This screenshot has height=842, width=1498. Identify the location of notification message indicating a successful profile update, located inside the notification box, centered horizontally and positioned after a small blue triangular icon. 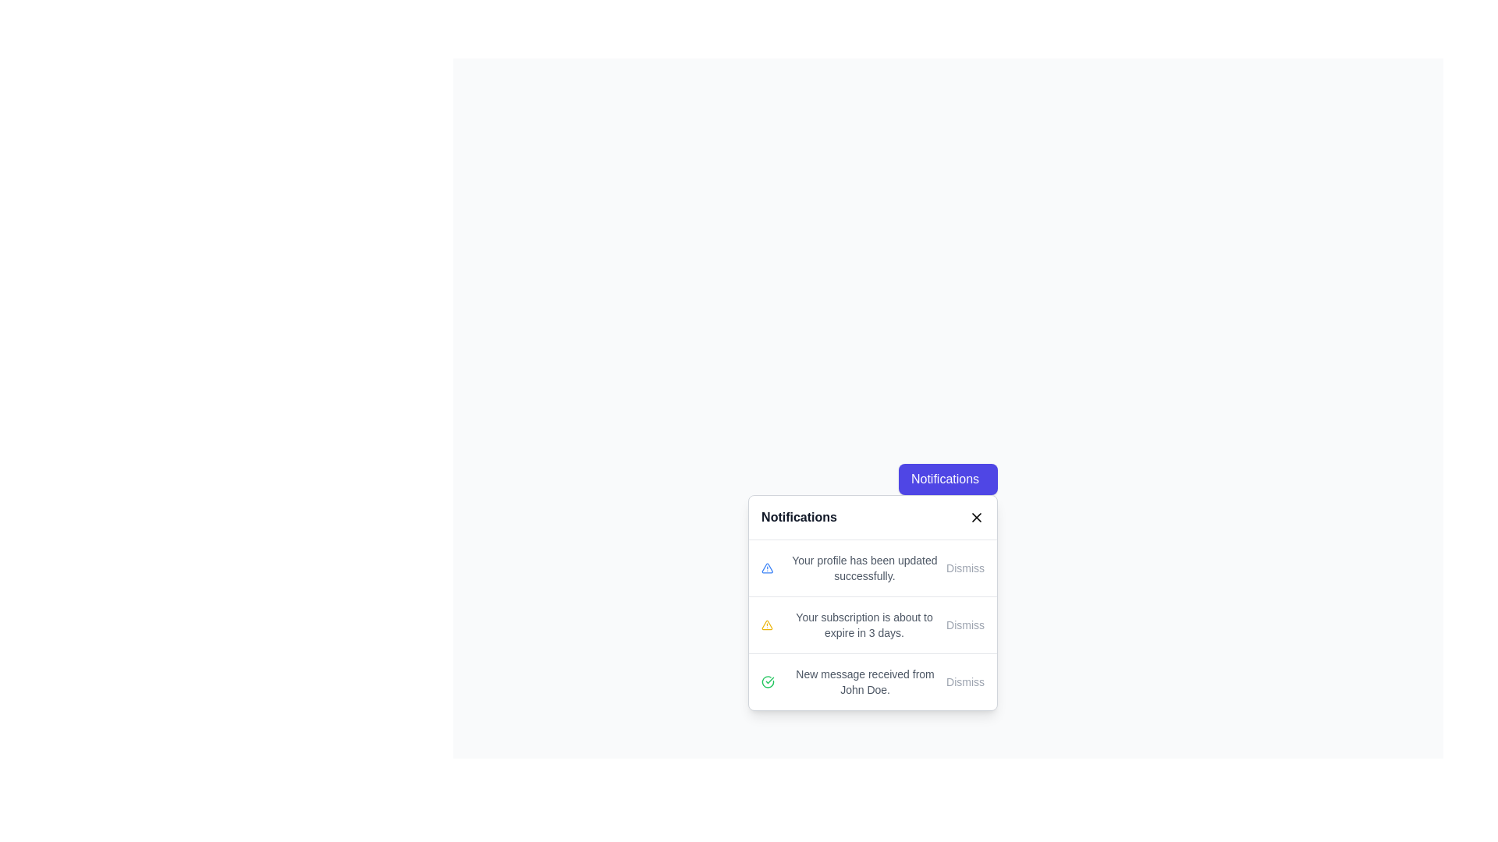
(864, 568).